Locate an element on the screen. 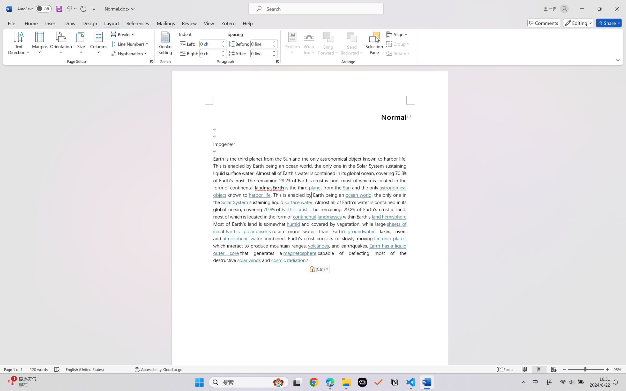  'sheets of ice' is located at coordinates (311, 228).